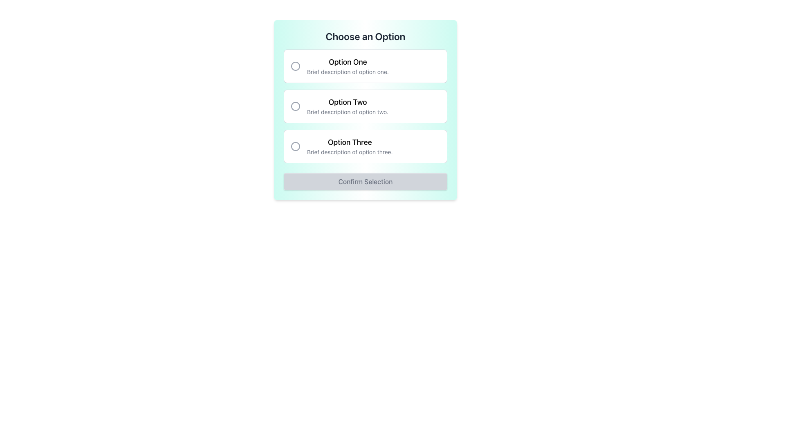  I want to click on the radio button for 'Option Two', so click(295, 106).